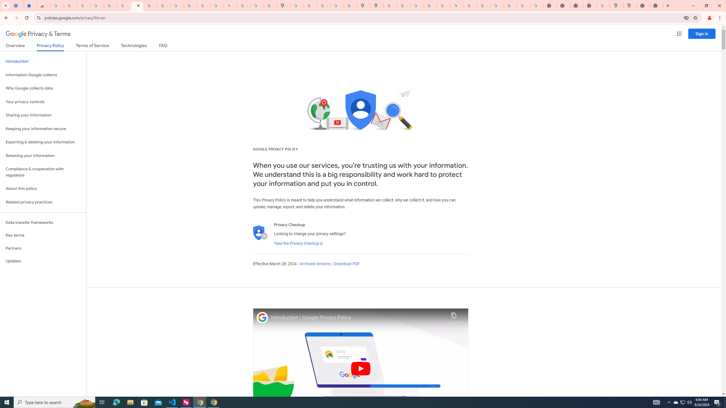 This screenshot has width=726, height=408. What do you see at coordinates (283, 5) in the screenshot?
I see `'Google Maps'` at bounding box center [283, 5].